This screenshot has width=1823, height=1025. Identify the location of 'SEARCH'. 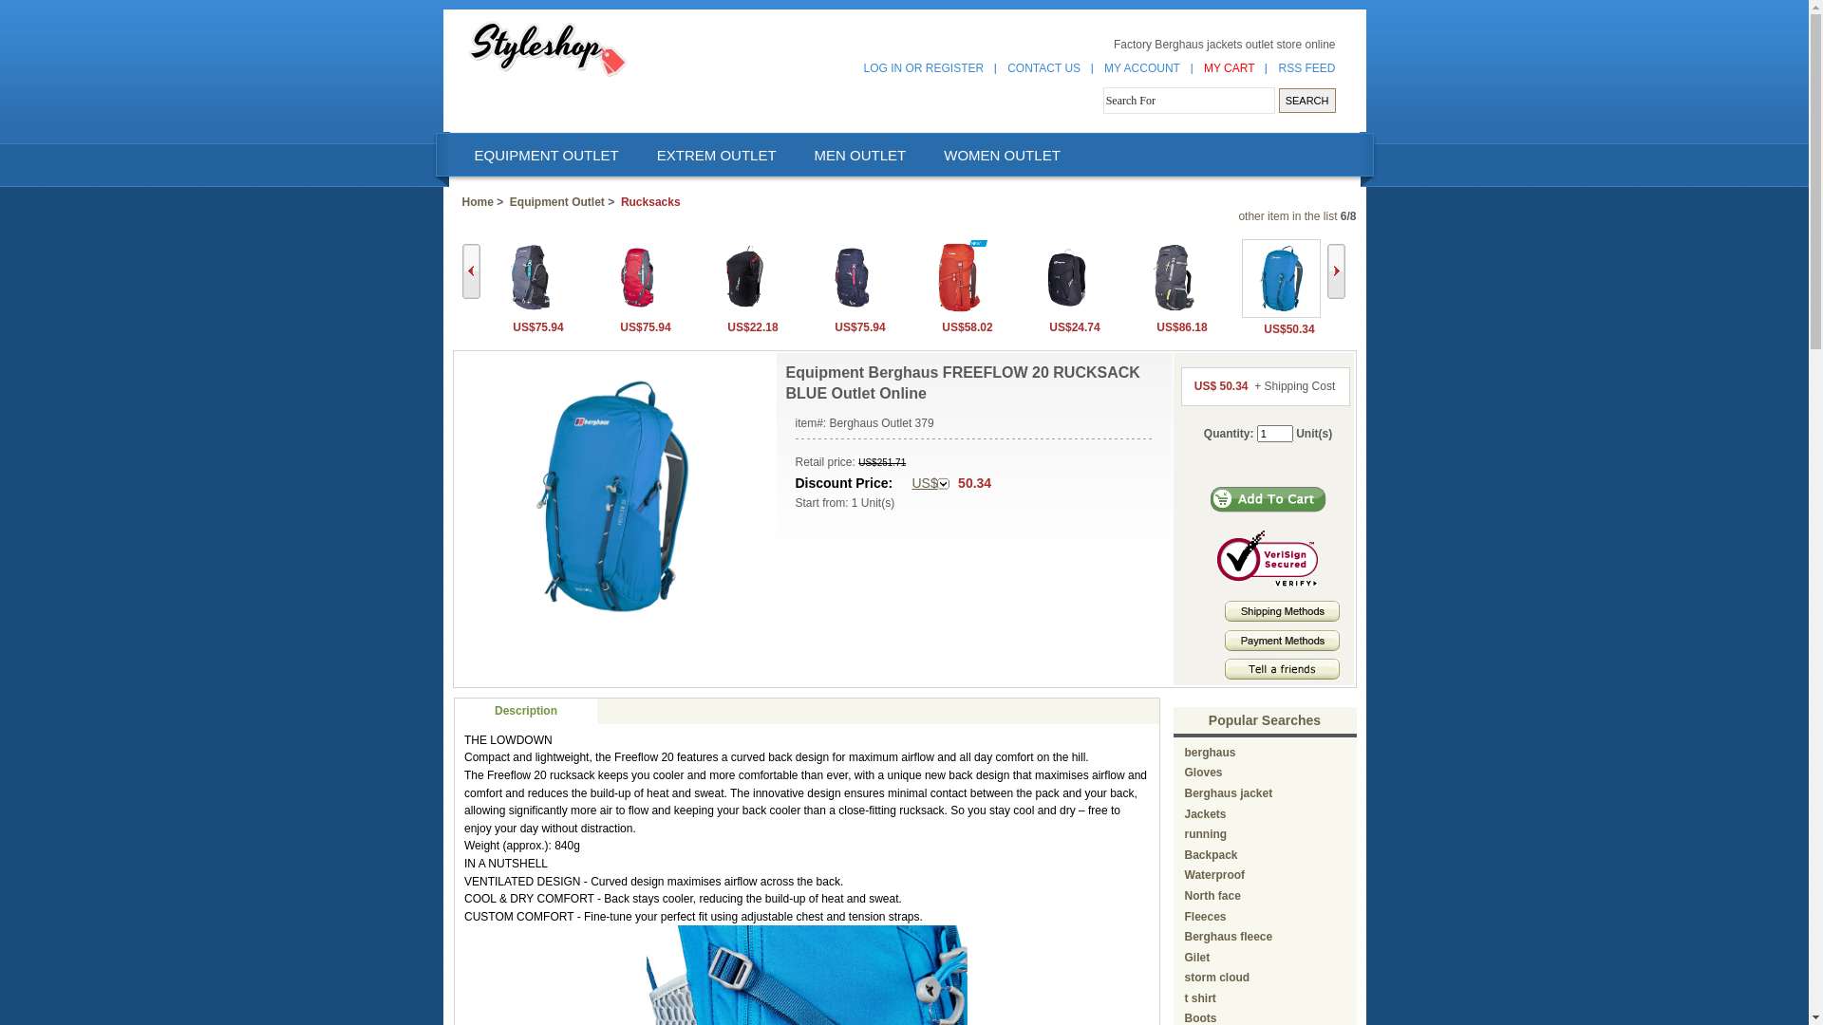
(1306, 100).